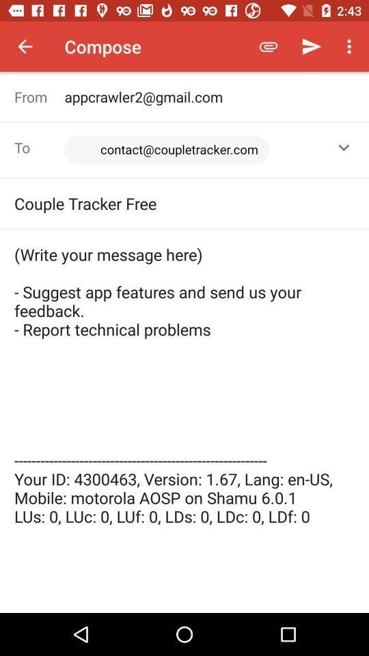 This screenshot has width=369, height=656. Describe the element at coordinates (187, 150) in the screenshot. I see `the icon to the right of the from item` at that location.